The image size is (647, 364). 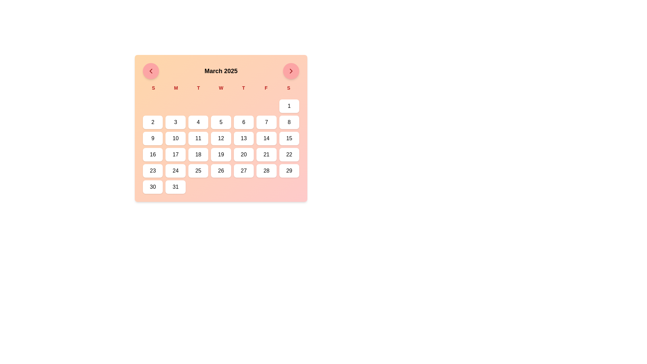 What do you see at coordinates (198, 155) in the screenshot?
I see `the rounded rectangular button labeled '18' with a white background` at bounding box center [198, 155].